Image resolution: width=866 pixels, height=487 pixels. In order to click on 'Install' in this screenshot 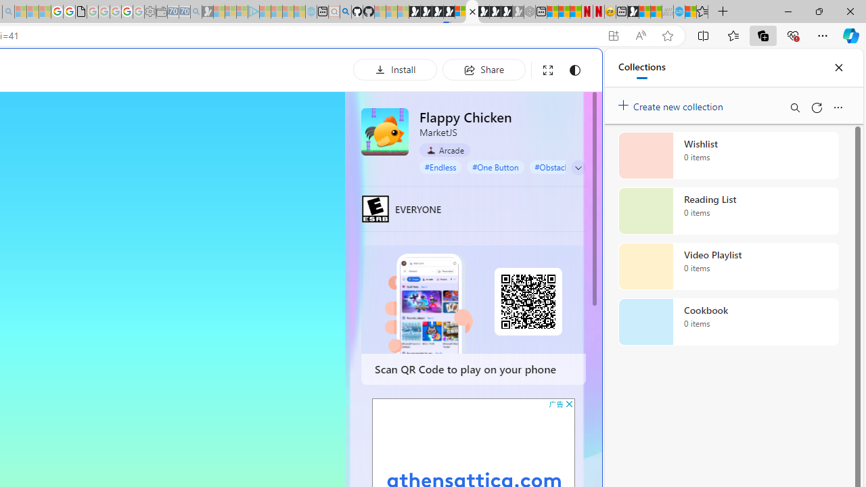, I will do `click(394, 69)`.